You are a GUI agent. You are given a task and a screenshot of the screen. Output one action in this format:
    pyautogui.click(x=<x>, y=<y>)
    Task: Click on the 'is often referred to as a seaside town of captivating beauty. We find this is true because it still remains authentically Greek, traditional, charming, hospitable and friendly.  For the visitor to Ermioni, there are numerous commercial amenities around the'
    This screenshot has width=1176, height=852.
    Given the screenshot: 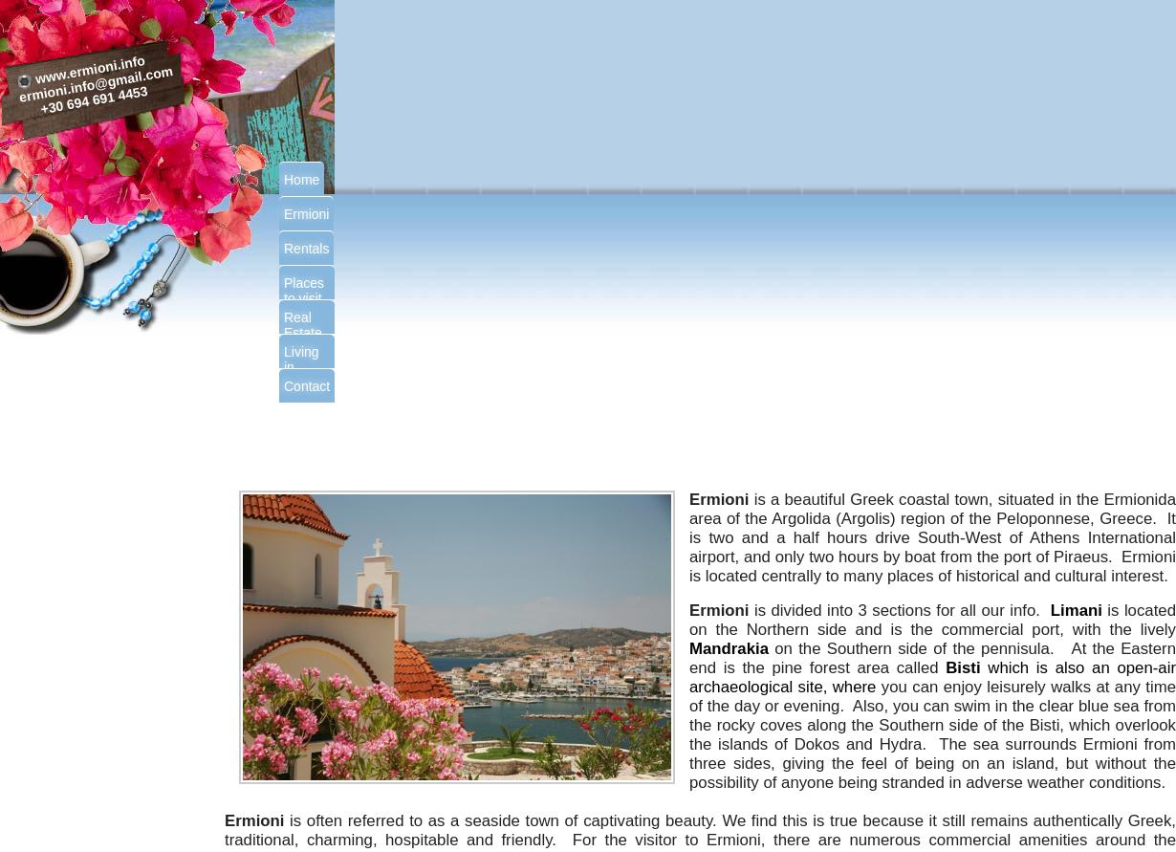 What is the action you would take?
    pyautogui.click(x=700, y=829)
    